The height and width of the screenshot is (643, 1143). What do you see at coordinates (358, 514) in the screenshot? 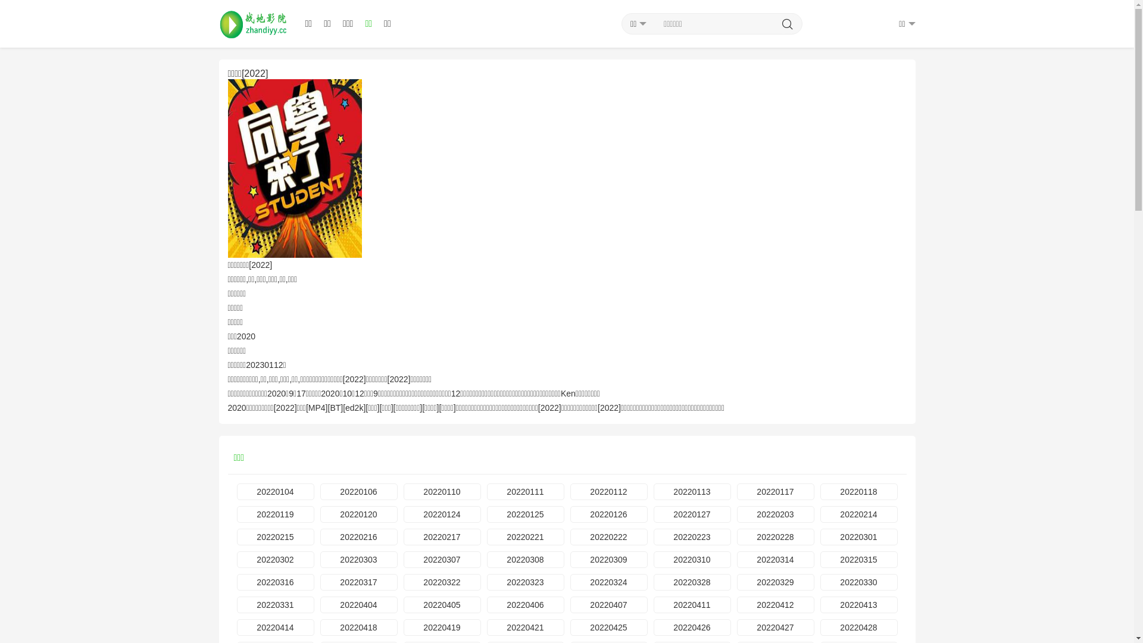
I see `'20220120'` at bounding box center [358, 514].